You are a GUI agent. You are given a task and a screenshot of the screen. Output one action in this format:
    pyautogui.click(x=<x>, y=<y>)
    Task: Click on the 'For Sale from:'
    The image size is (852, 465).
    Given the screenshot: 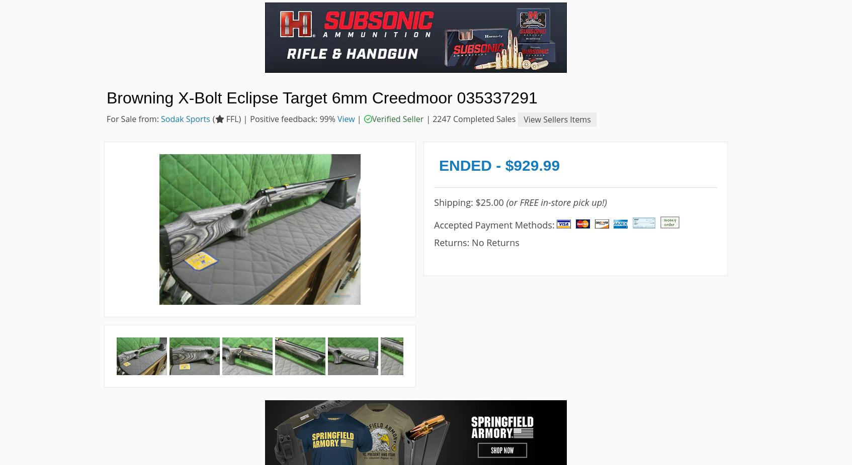 What is the action you would take?
    pyautogui.click(x=106, y=119)
    